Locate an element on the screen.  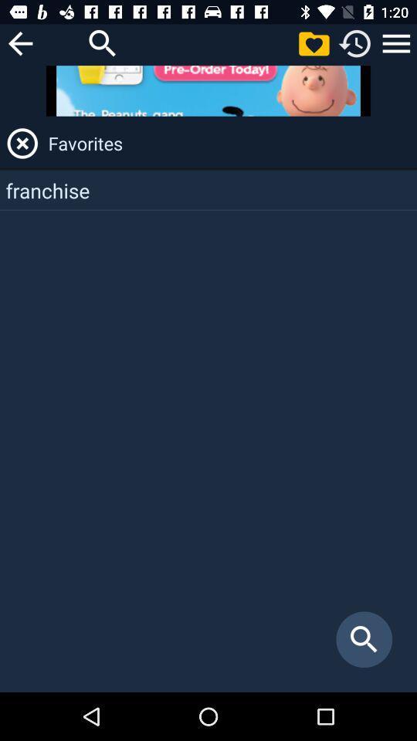
previous screen is located at coordinates (19, 42).